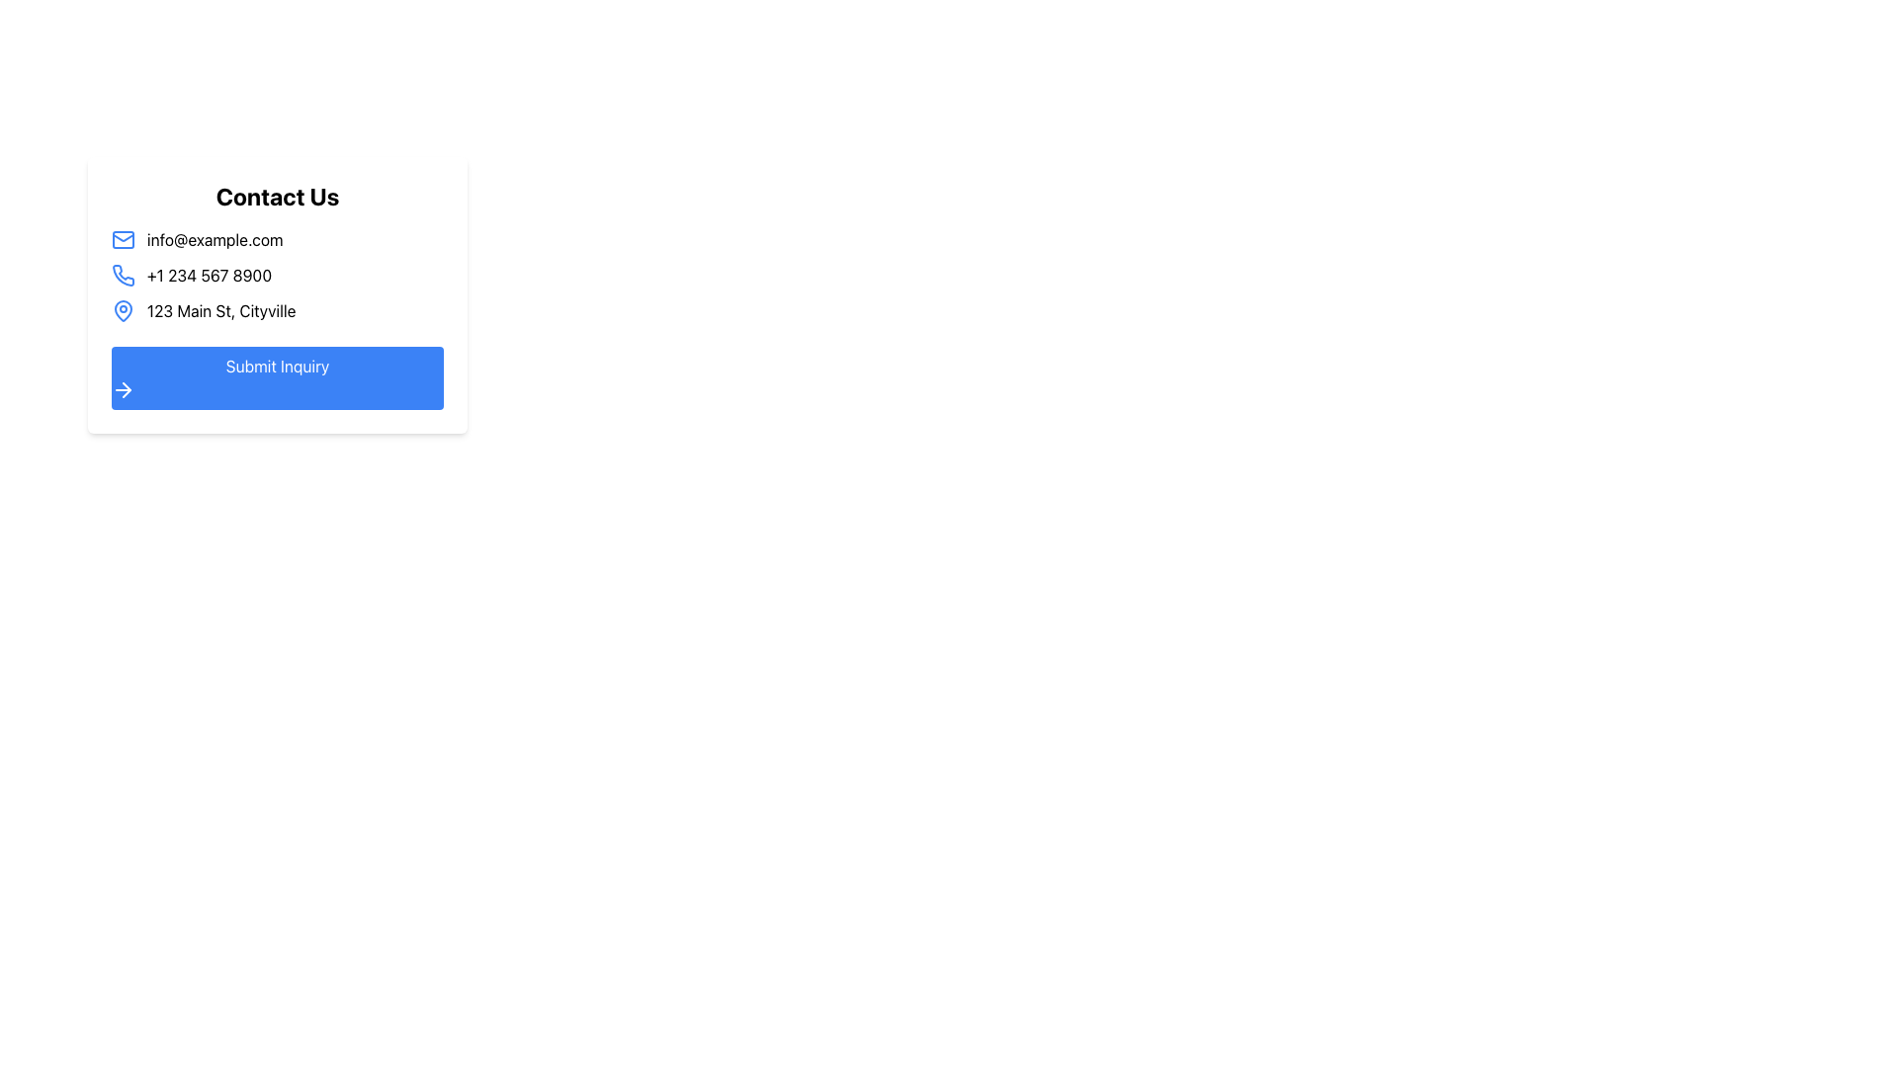 The height and width of the screenshot is (1067, 1898). I want to click on the blue phone icon located next to the text '+1 234 567 8900' to interact with the phone contact functionality, so click(122, 275).